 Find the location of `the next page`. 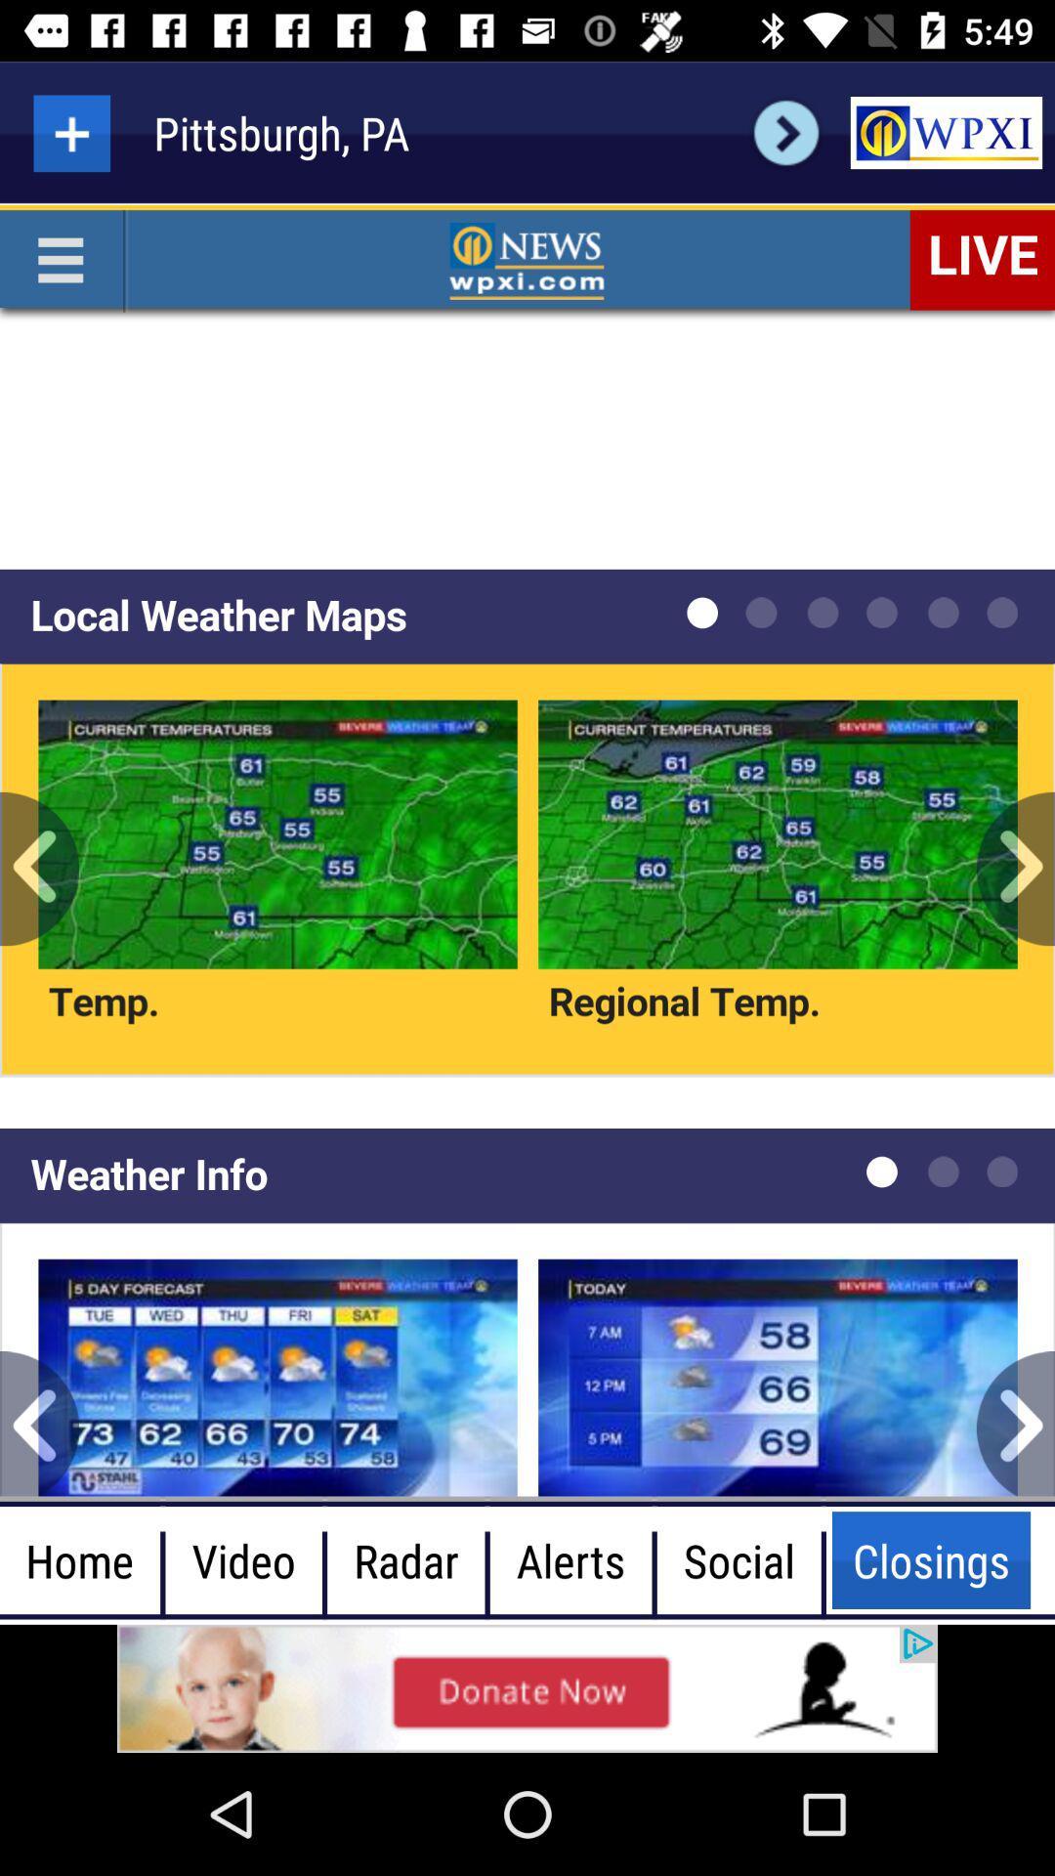

the next page is located at coordinates (785, 132).